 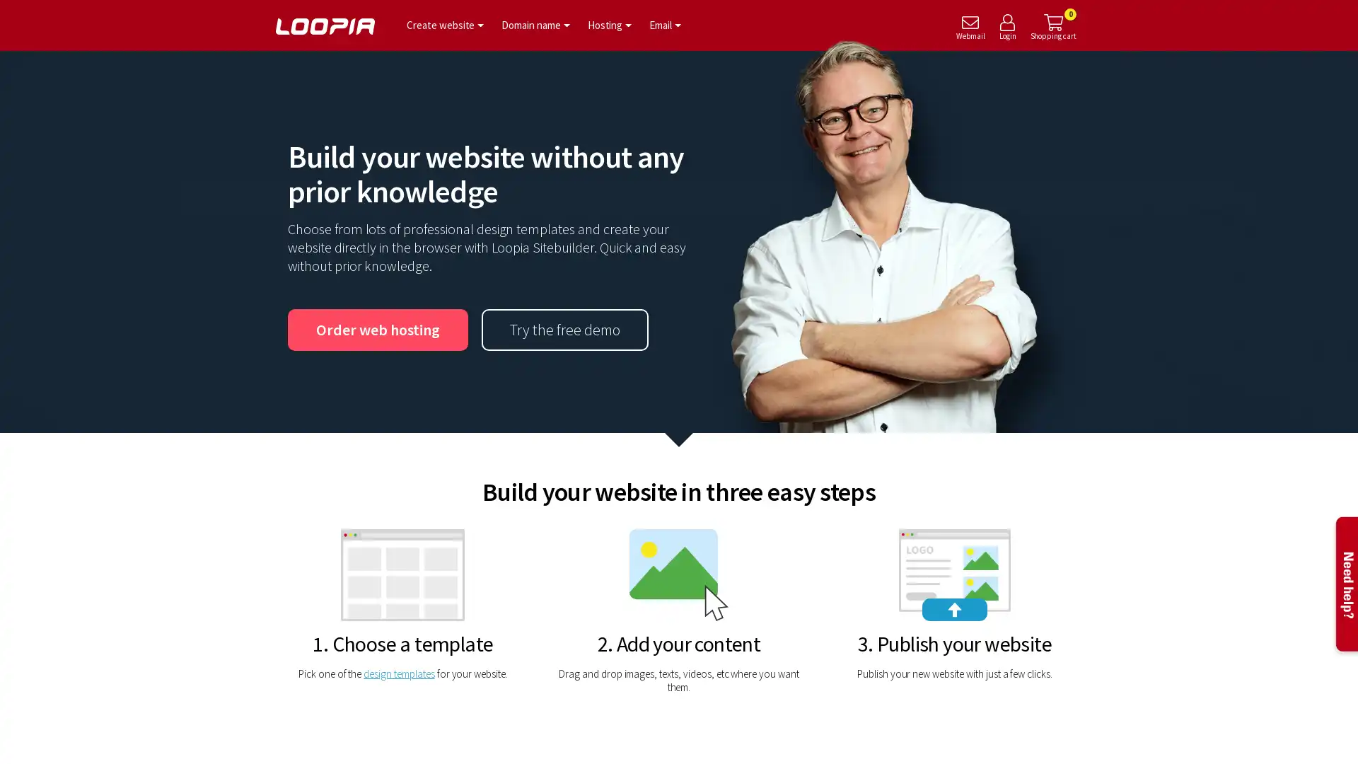 I want to click on Try the free demo, so click(x=564, y=330).